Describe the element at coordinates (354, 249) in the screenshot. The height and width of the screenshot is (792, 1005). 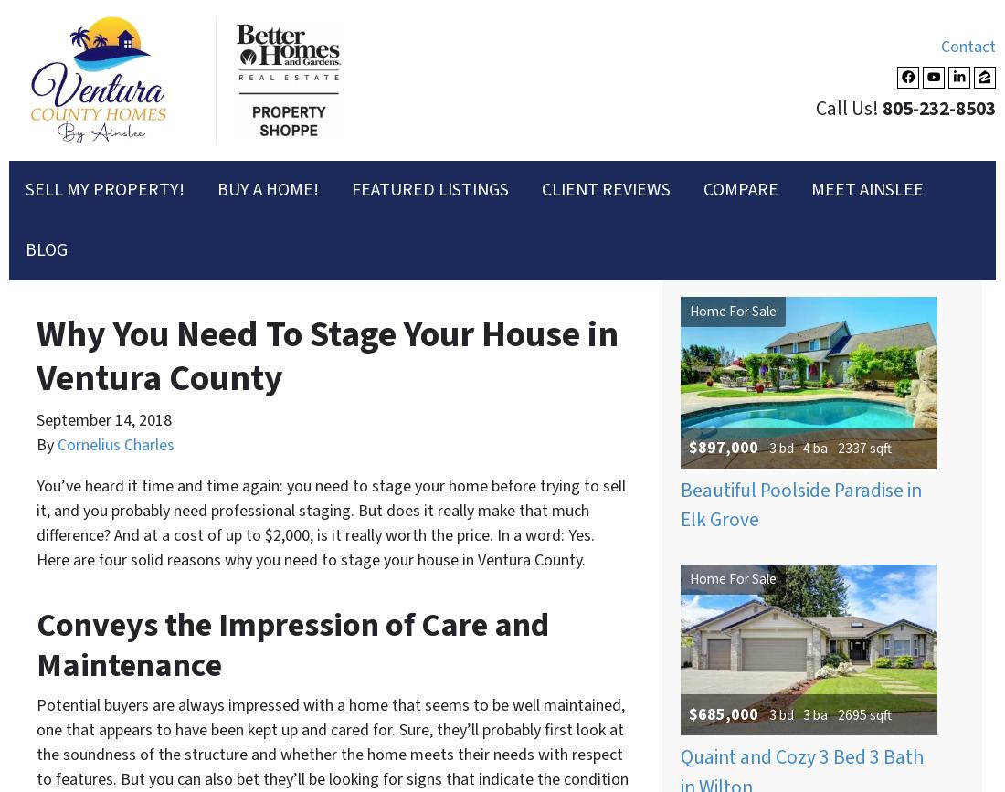
I see `'Last'` at that location.